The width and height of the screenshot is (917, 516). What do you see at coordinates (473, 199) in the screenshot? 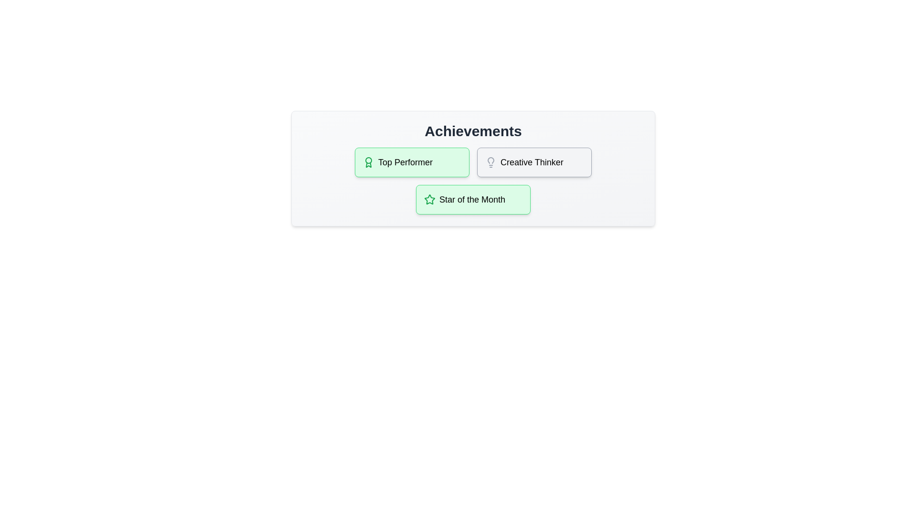
I see `the achievement Star of the Month to display its tooltip or effect` at bounding box center [473, 199].